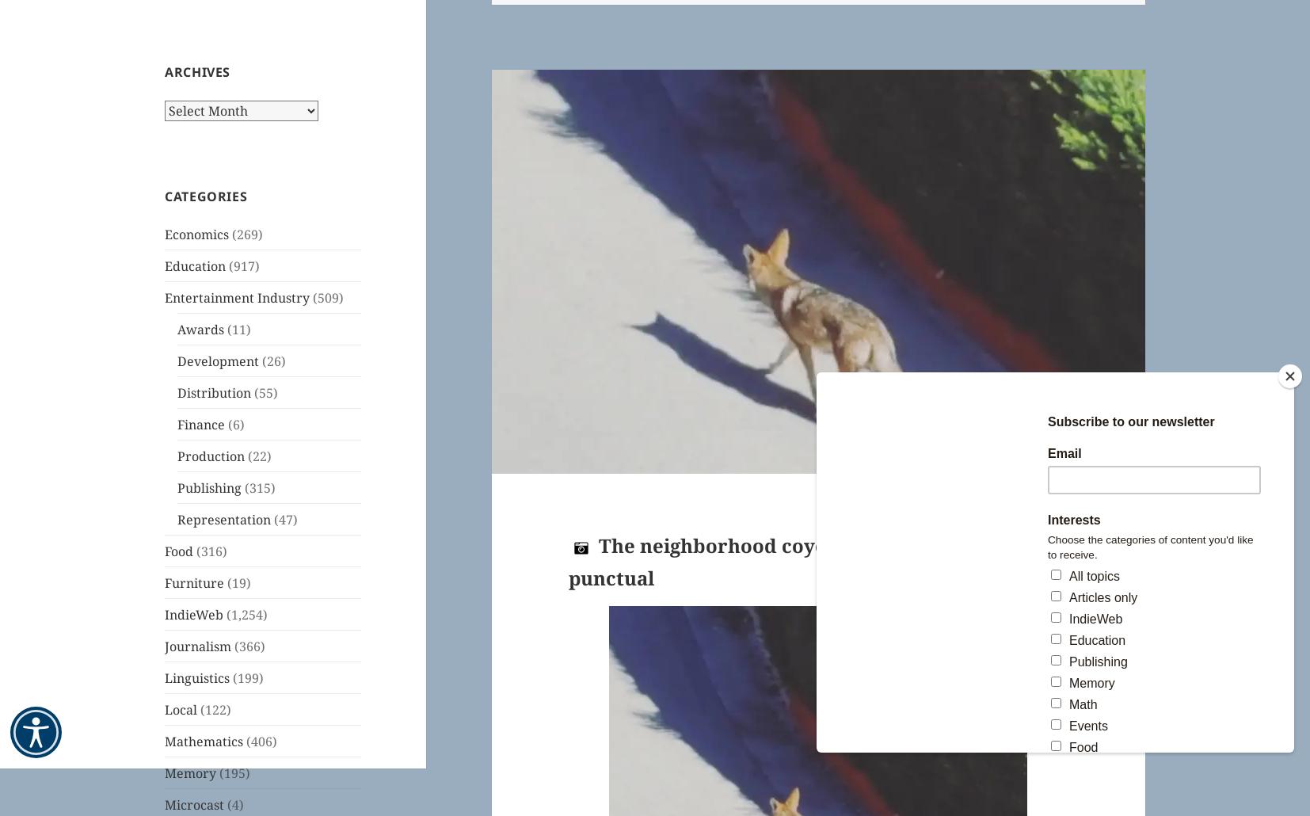  Describe the element at coordinates (193, 582) in the screenshot. I see `'Furniture'` at that location.